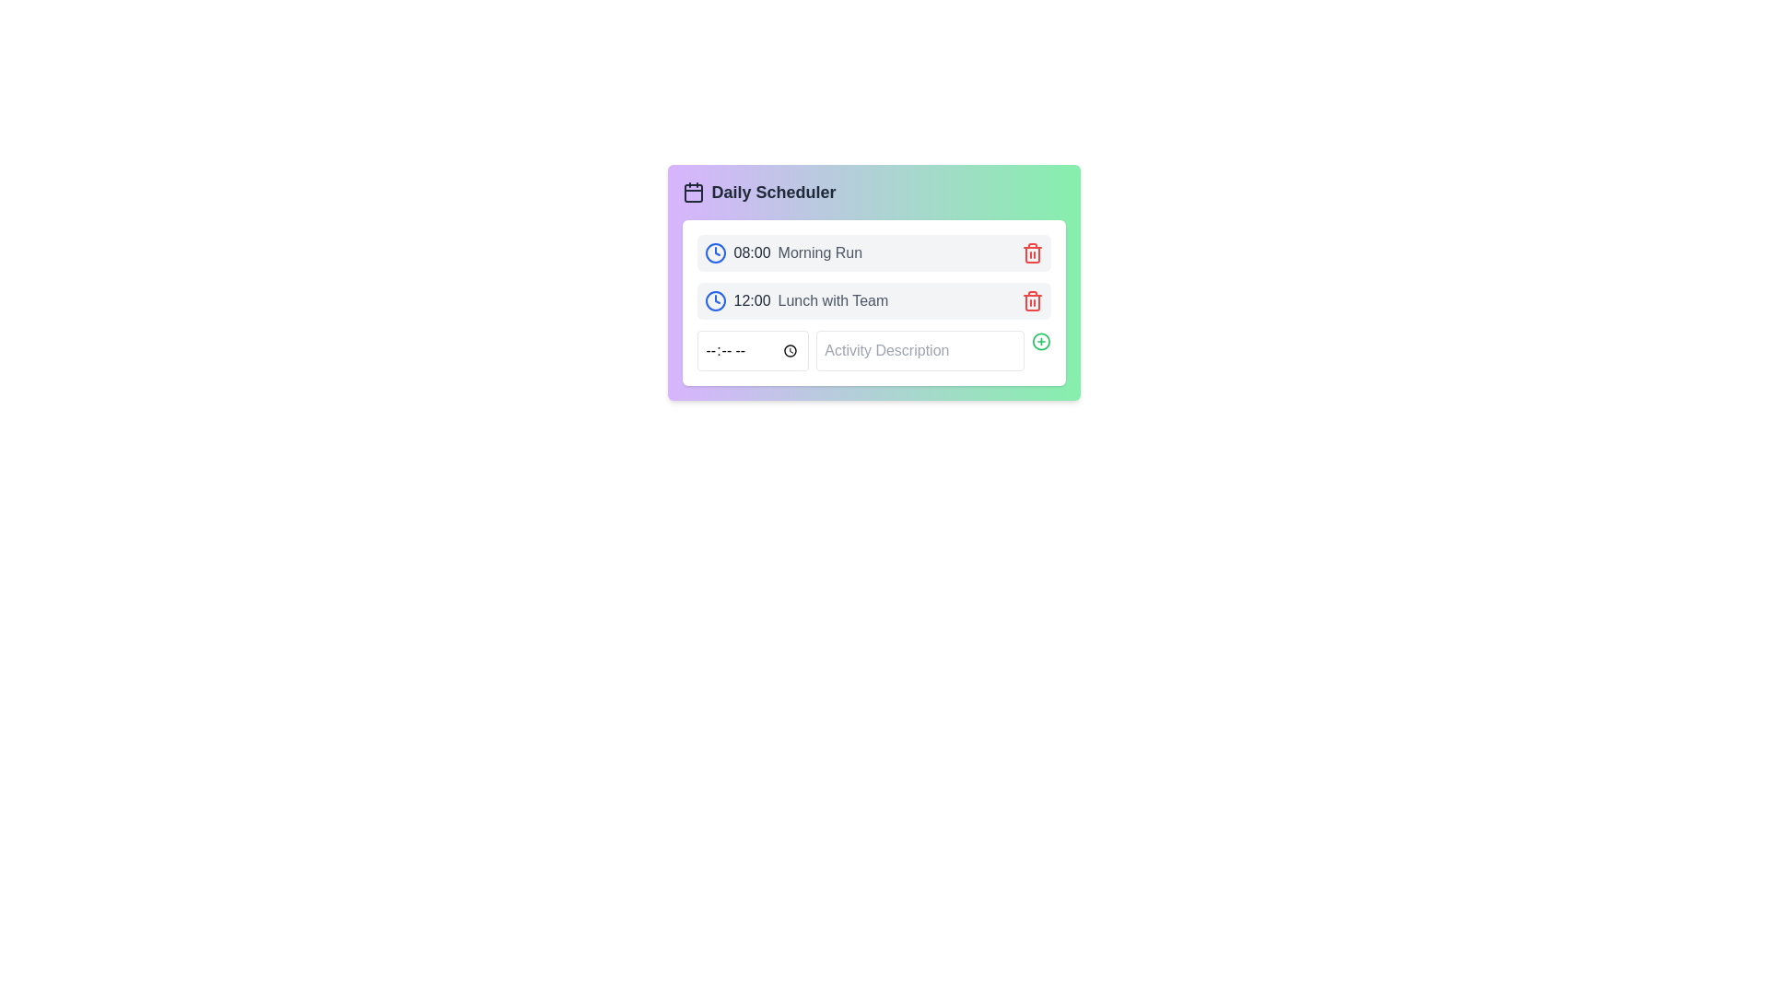 The image size is (1769, 995). What do you see at coordinates (1040, 341) in the screenshot?
I see `the green outlined circular SVG component that is part of the plus sign icon located in the lower-right region of the schedule interface` at bounding box center [1040, 341].